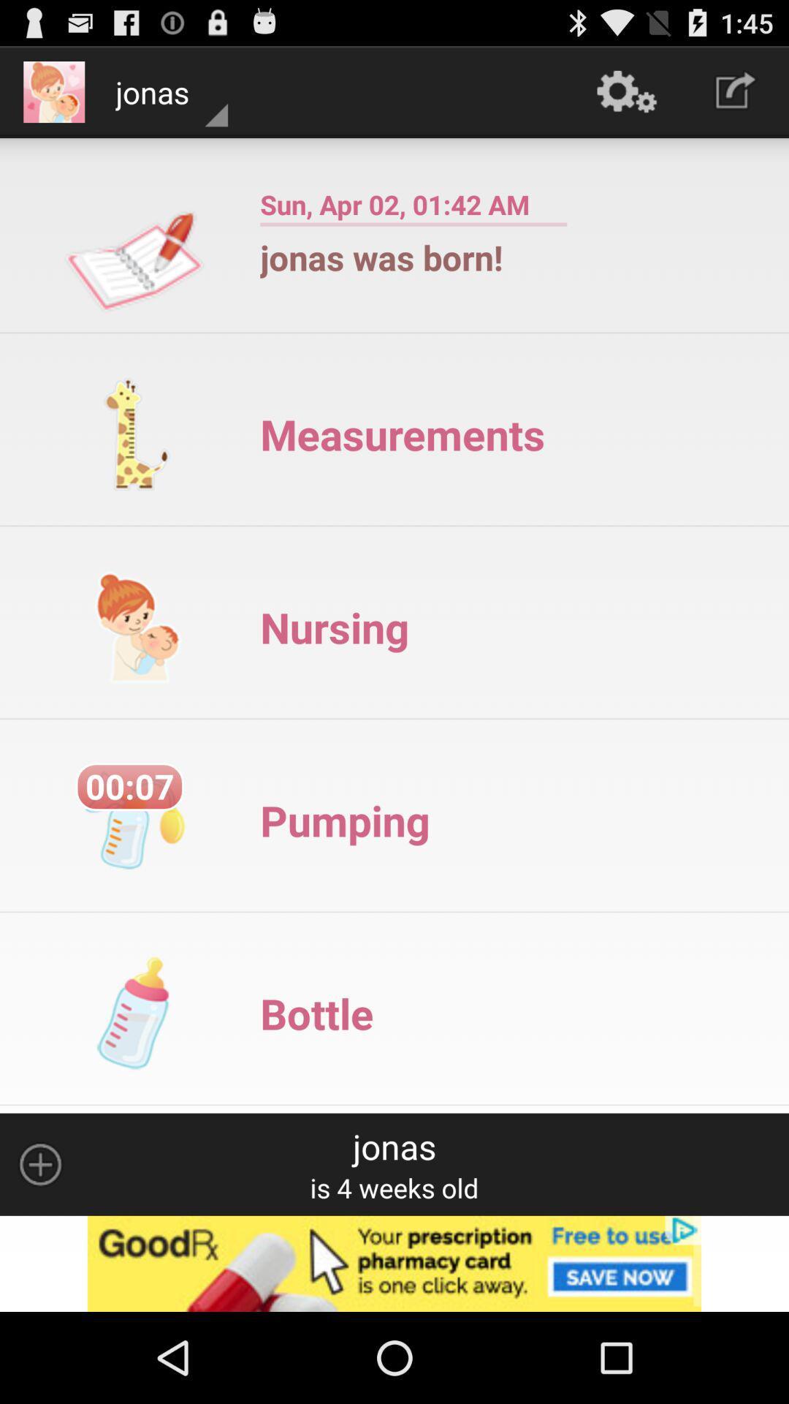 The image size is (789, 1404). I want to click on the add icon, so click(39, 1245).